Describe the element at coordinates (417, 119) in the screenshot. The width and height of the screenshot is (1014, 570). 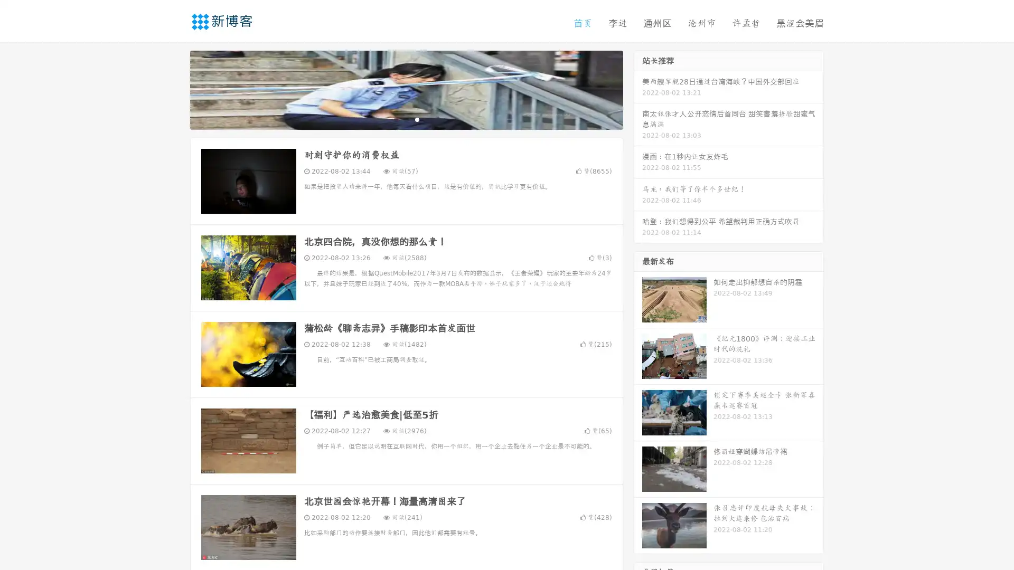
I see `Go to slide 3` at that location.